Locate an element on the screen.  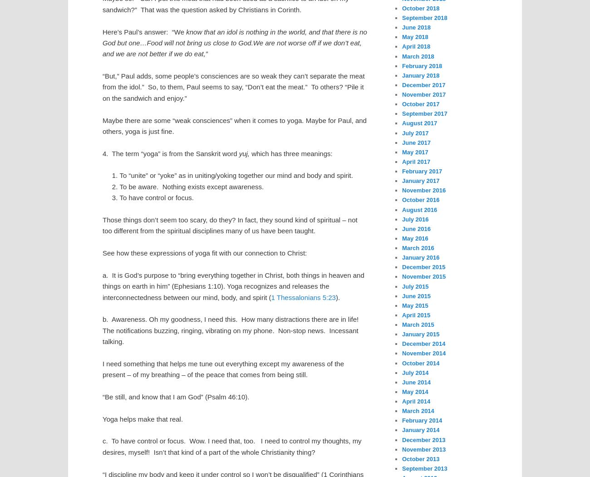
'April 2017' is located at coordinates (416, 161).